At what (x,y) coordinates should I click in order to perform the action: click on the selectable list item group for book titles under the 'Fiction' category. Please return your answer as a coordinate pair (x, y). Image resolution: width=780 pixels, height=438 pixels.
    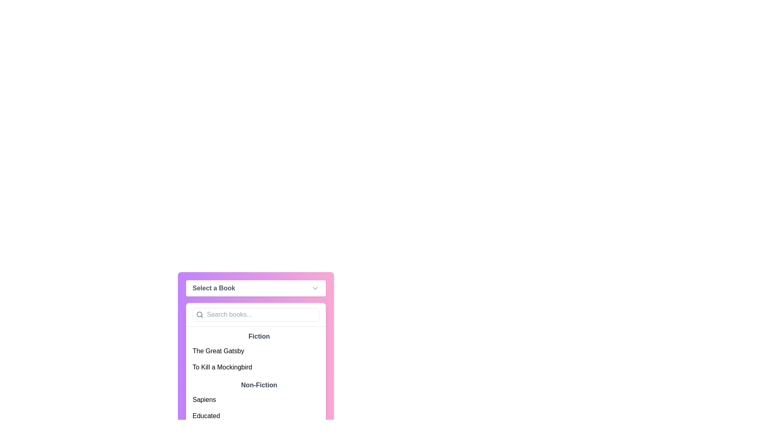
    Looking at the image, I should click on (255, 359).